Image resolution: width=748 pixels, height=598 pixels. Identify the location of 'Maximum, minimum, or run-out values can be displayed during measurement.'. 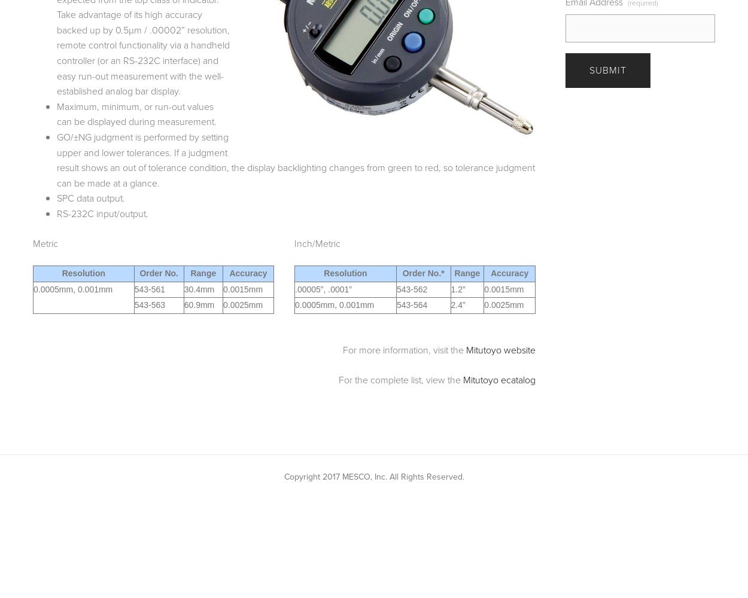
(136, 113).